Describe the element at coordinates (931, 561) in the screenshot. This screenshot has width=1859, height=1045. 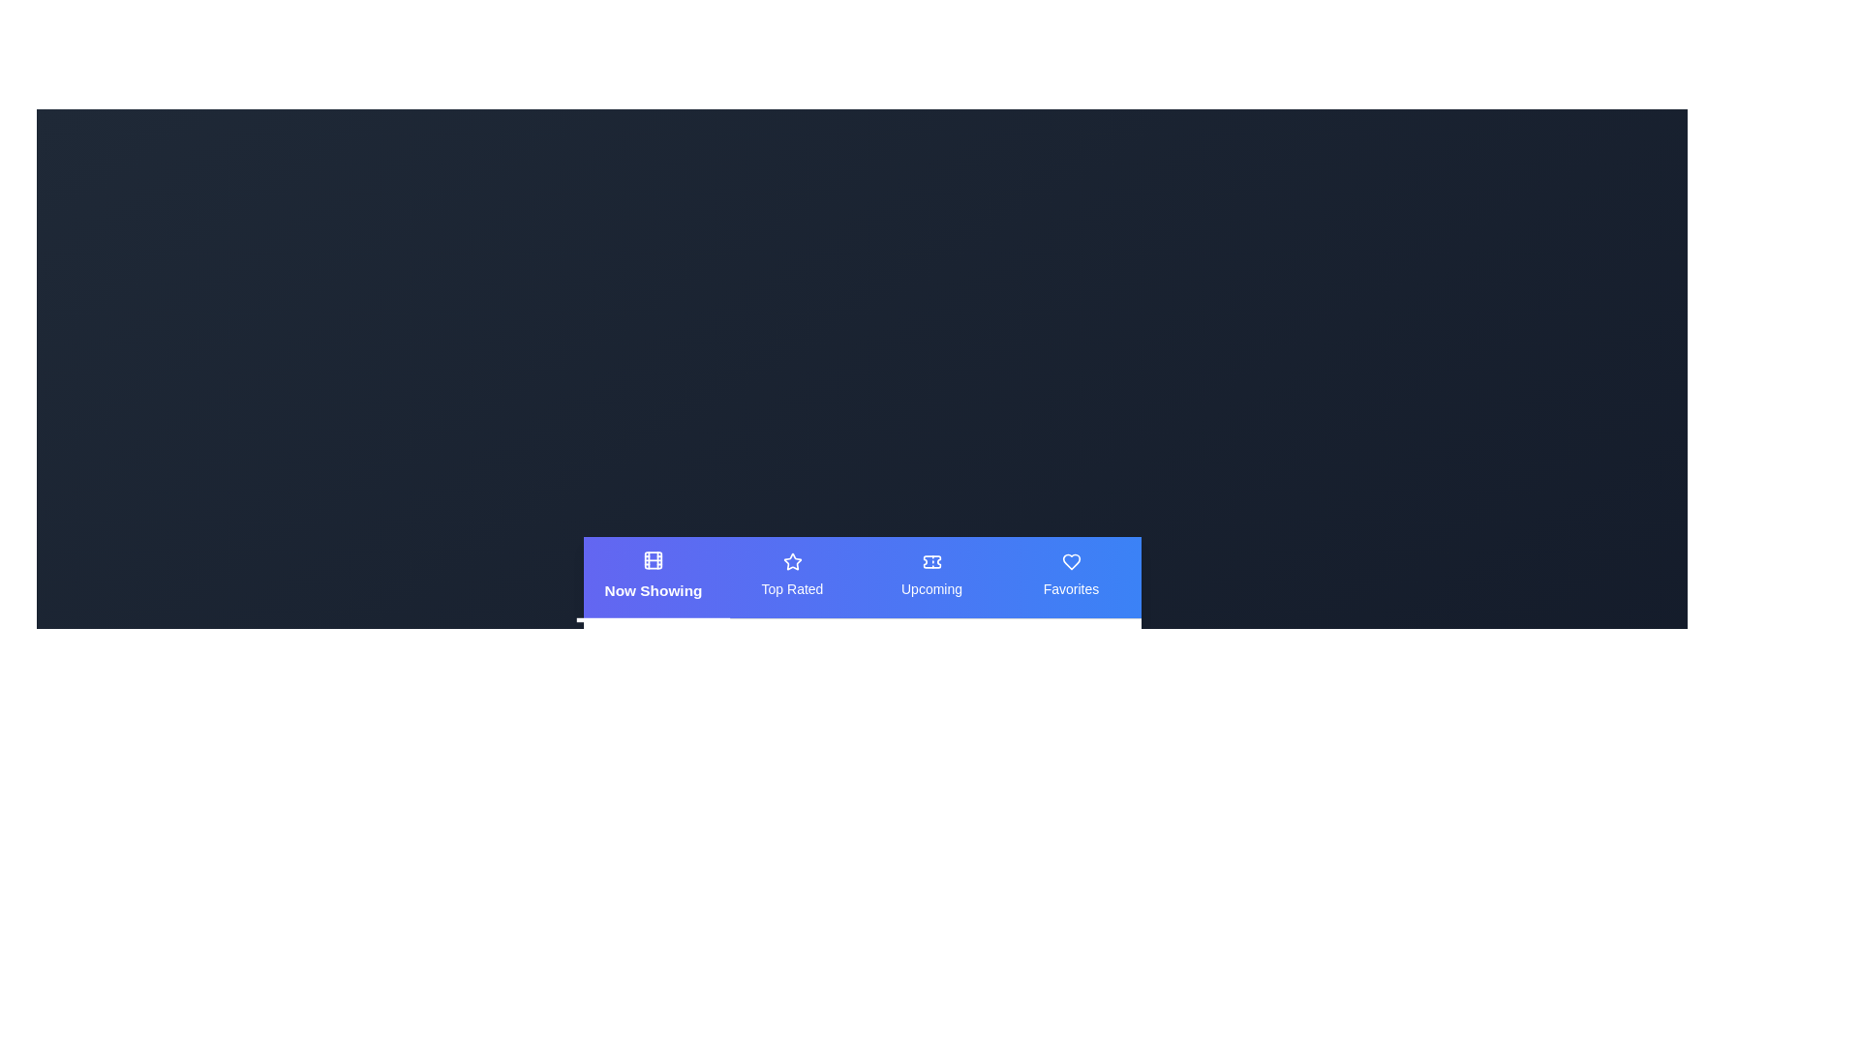
I see `the 'Upcoming' section icon in the bottom navigation bar` at that location.